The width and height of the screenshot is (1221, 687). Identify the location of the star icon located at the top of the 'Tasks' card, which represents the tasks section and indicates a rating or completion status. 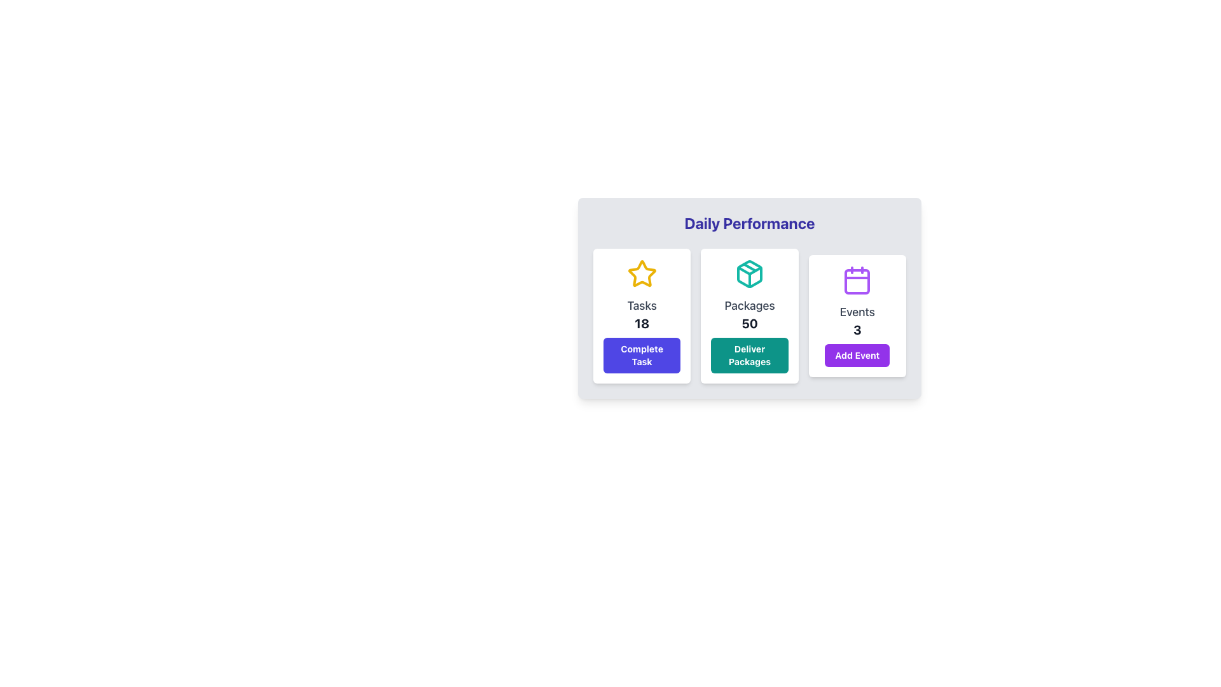
(642, 274).